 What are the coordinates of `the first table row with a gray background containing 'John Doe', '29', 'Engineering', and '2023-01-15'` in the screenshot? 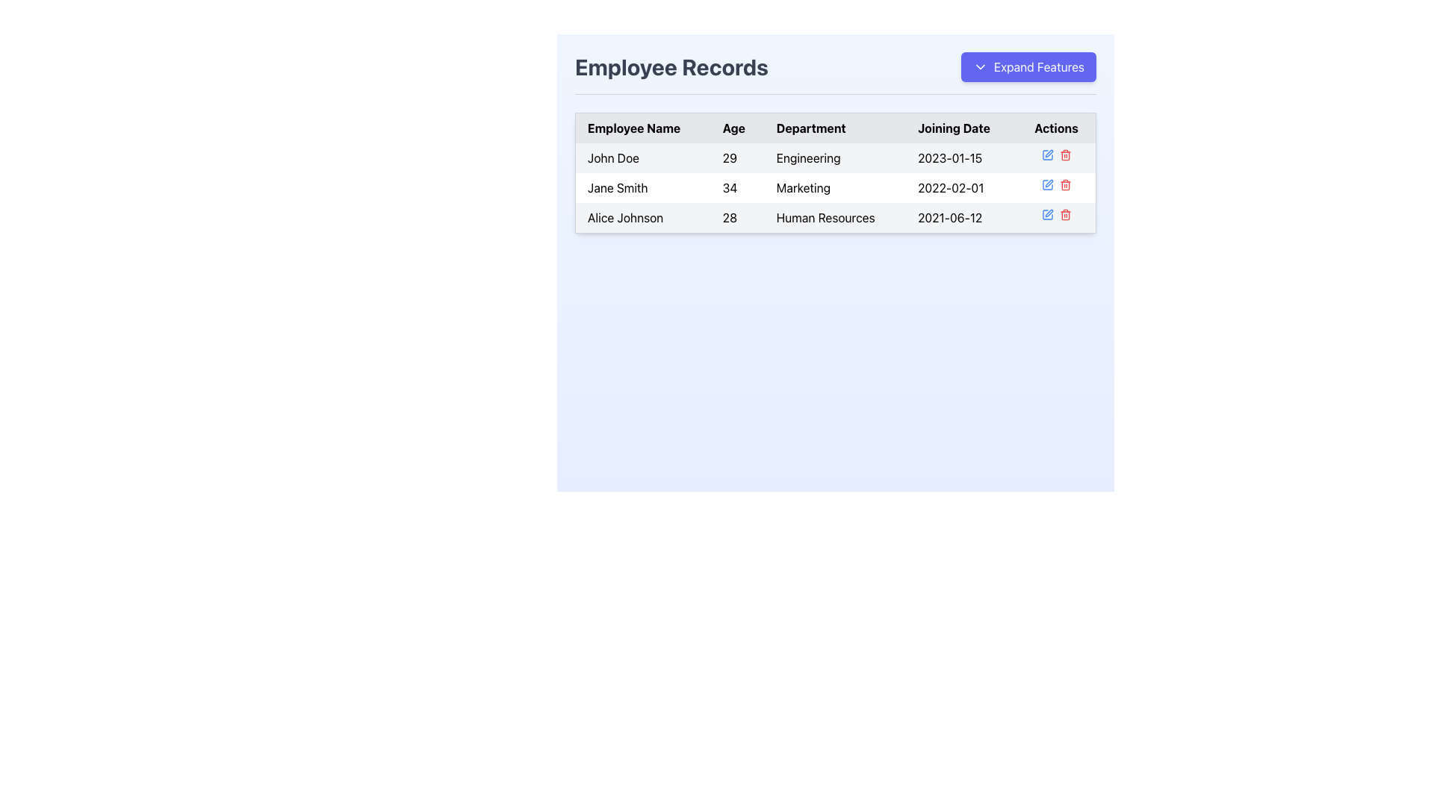 It's located at (834, 158).